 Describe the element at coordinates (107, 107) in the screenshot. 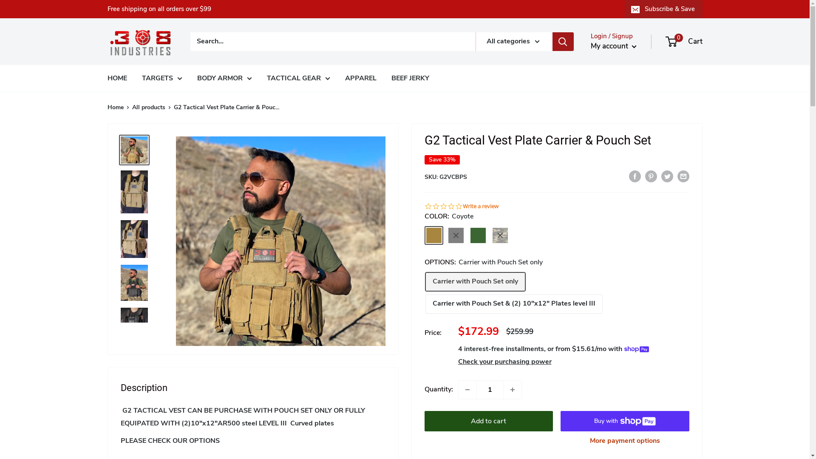

I see `'Home'` at that location.